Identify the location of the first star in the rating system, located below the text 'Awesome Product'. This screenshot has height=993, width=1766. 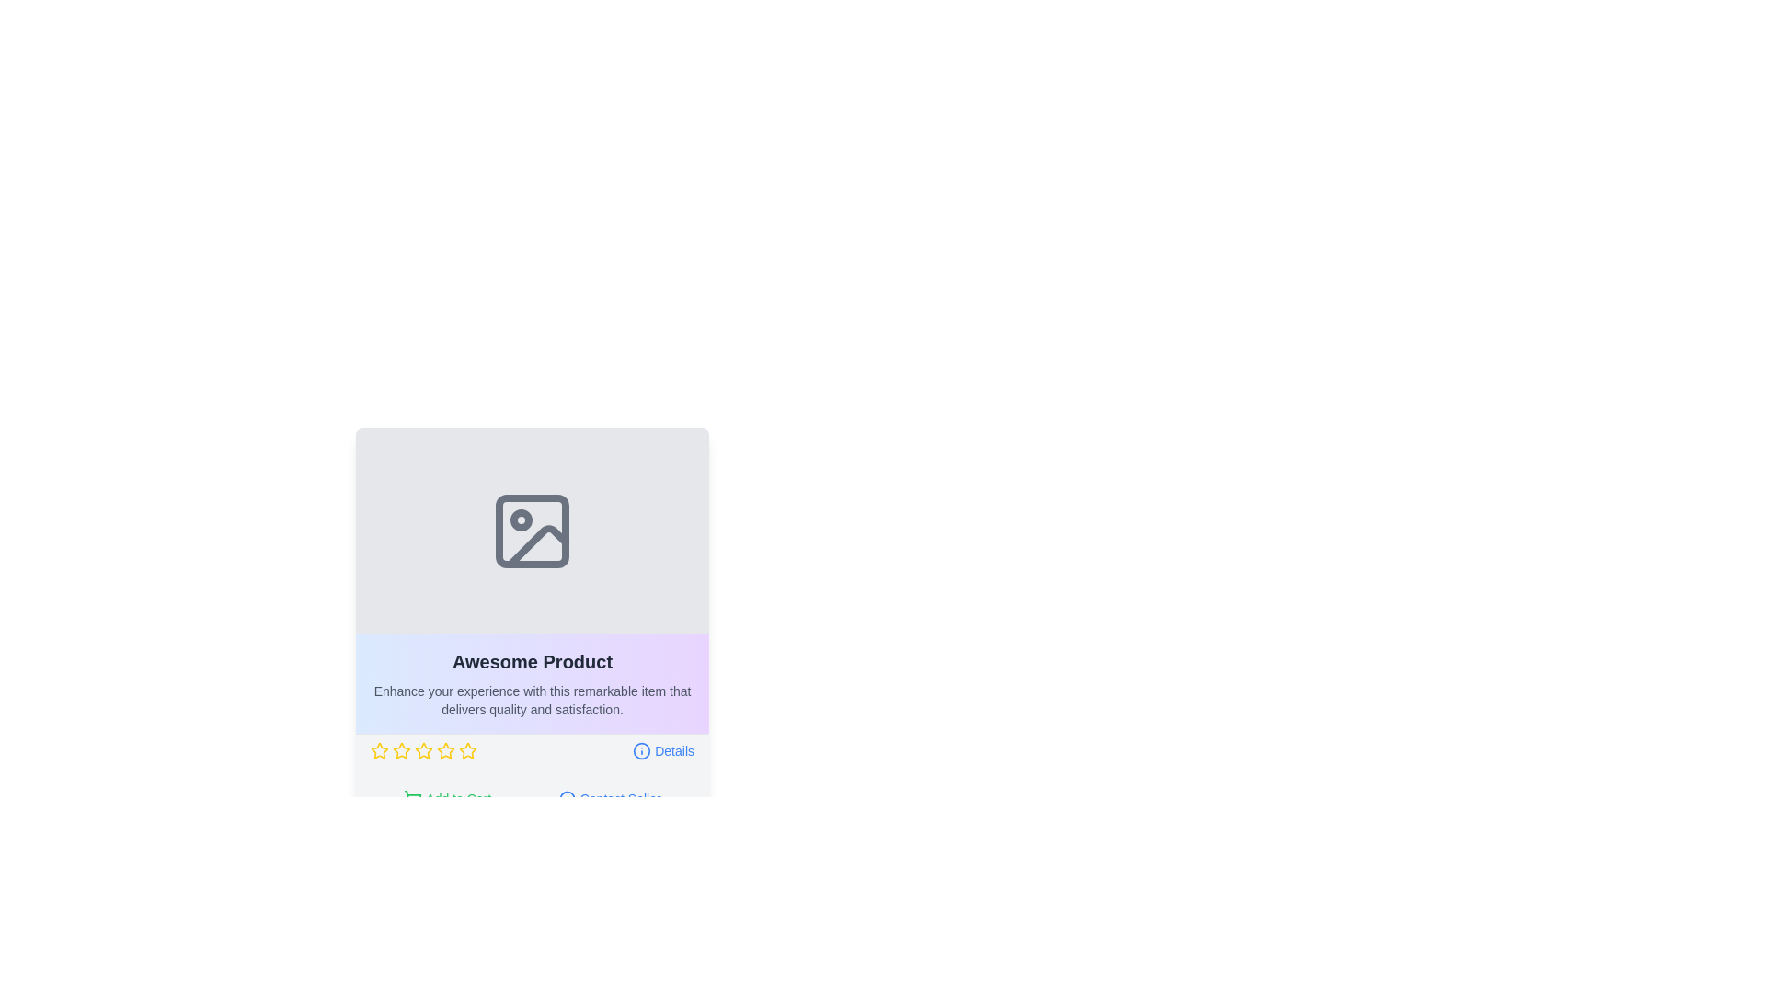
(400, 750).